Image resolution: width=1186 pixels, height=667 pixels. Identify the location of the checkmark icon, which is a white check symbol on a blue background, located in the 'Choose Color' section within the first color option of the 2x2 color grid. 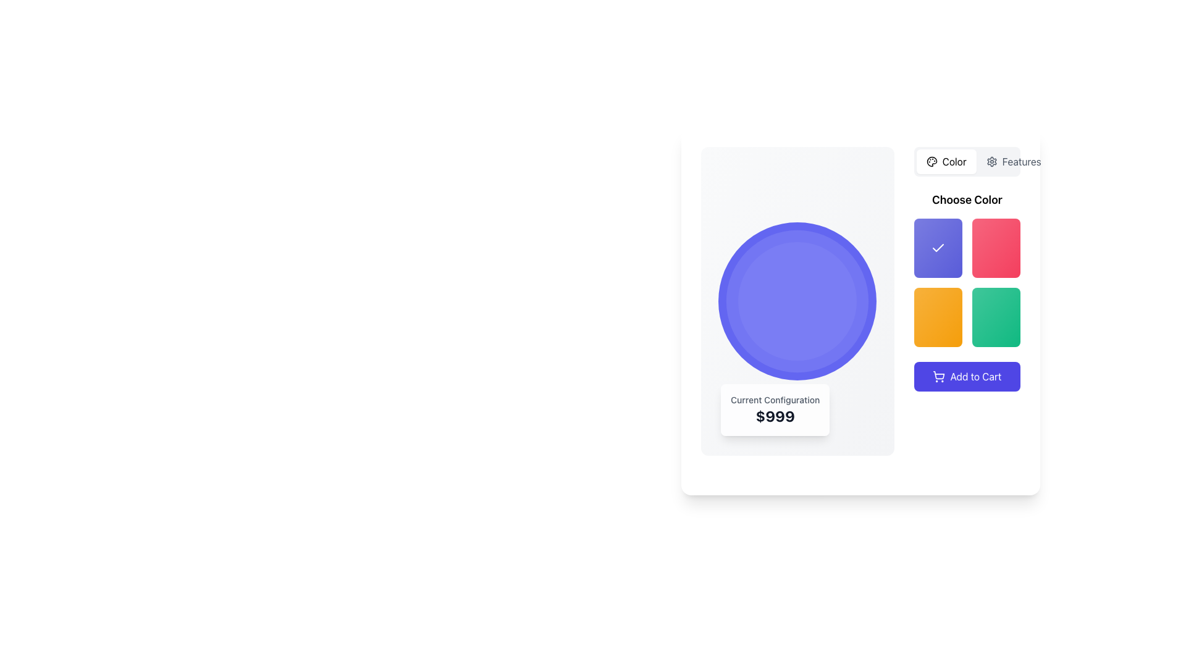
(938, 248).